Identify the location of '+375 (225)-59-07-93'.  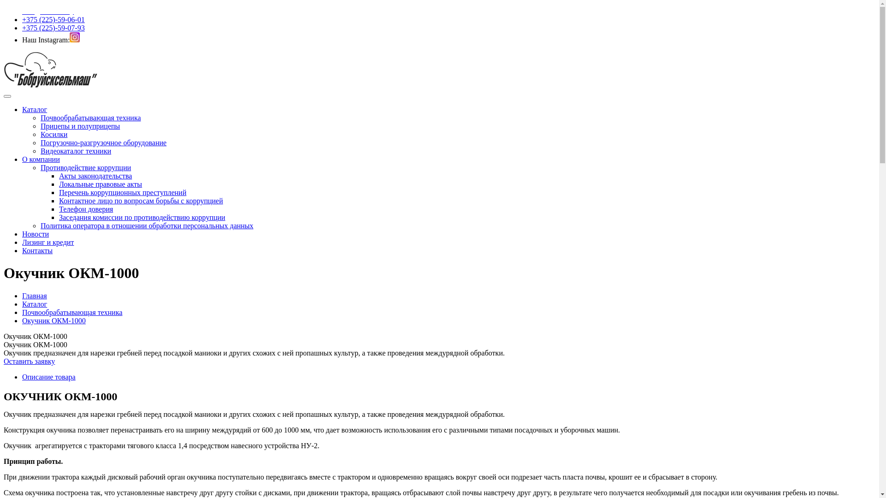
(22, 27).